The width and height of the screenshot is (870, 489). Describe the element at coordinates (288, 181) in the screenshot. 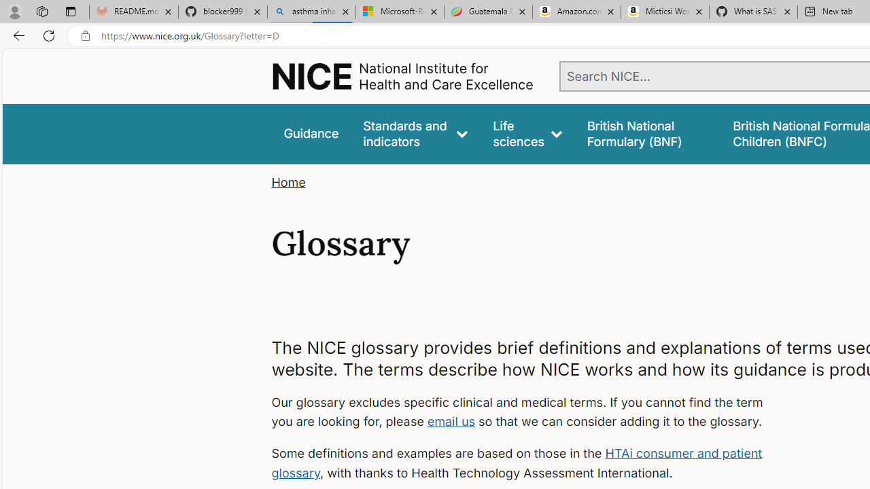

I see `'Home'` at that location.